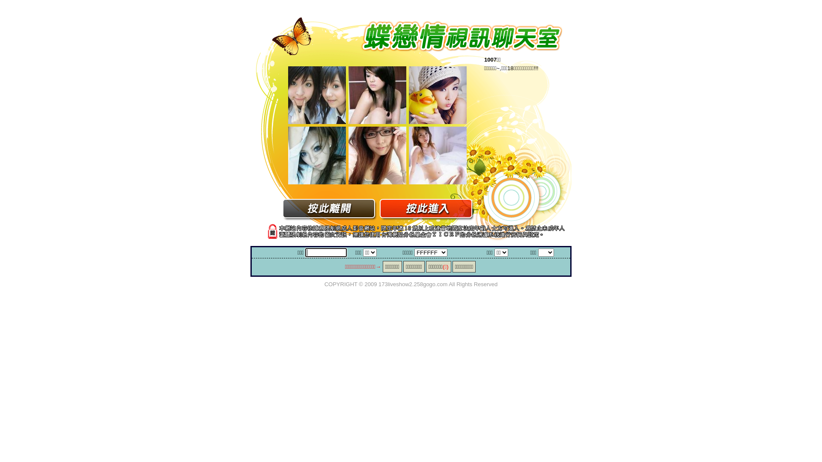 This screenshot has height=462, width=822. Describe the element at coordinates (413, 284) in the screenshot. I see `'173liveshow2.258gogo.com'` at that location.